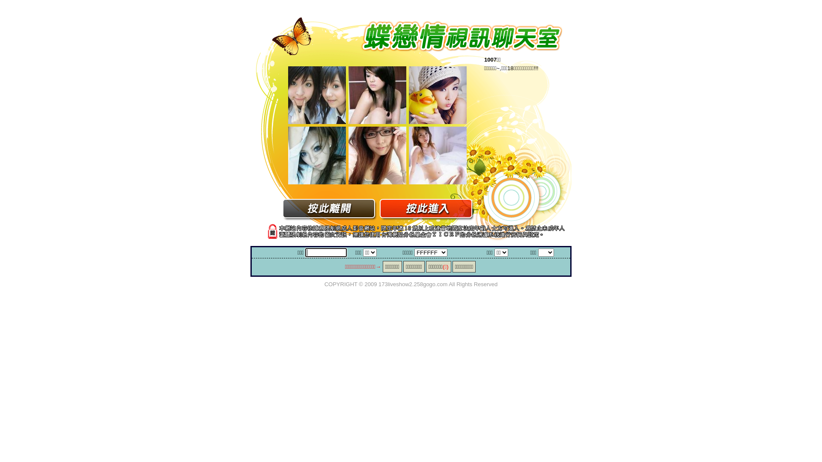 This screenshot has height=462, width=822. Describe the element at coordinates (413, 284) in the screenshot. I see `'173liveshow2.258gogo.com'` at that location.